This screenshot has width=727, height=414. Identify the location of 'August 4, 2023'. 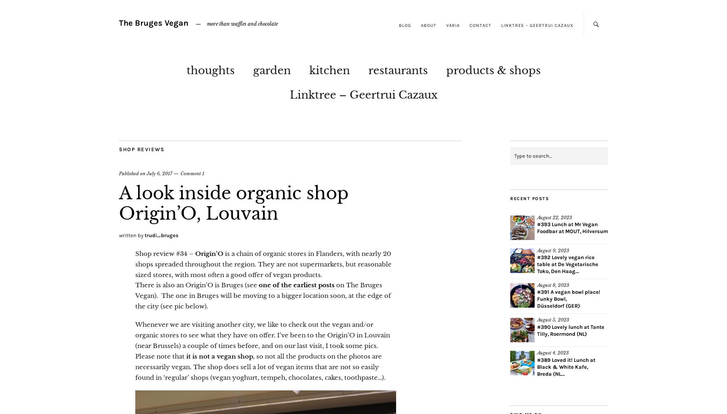
(553, 353).